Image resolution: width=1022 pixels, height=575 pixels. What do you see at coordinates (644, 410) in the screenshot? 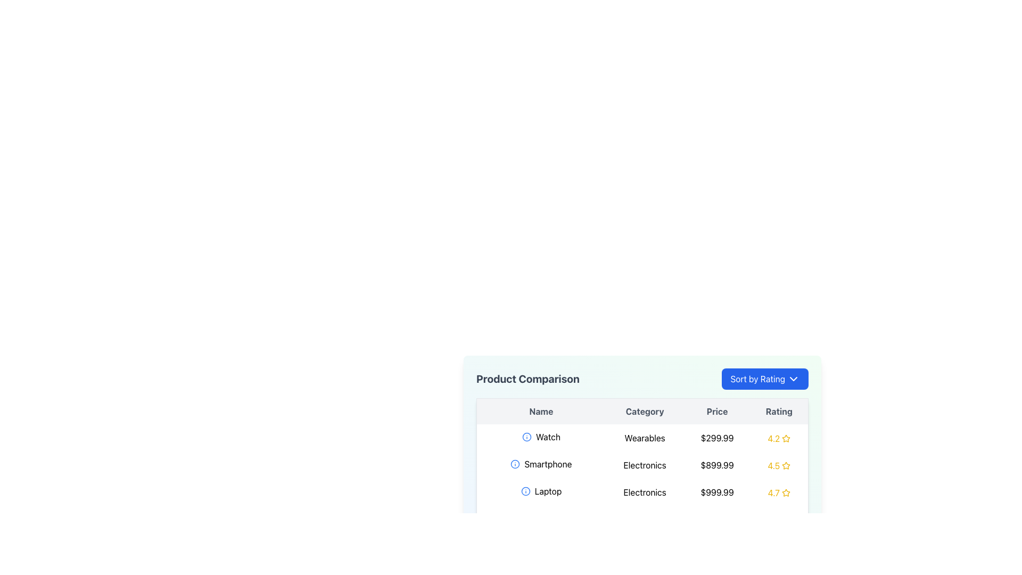
I see `the 'Category' header text label in the product comparison table, which is positioned between the 'Name' and 'Price' headers` at bounding box center [644, 410].